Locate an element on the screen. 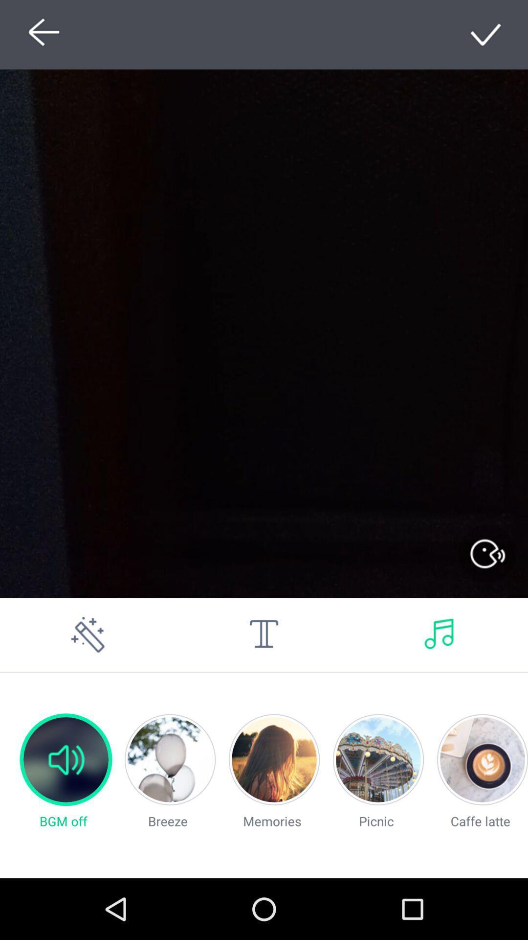 This screenshot has height=940, width=528. save is located at coordinates (486, 34).